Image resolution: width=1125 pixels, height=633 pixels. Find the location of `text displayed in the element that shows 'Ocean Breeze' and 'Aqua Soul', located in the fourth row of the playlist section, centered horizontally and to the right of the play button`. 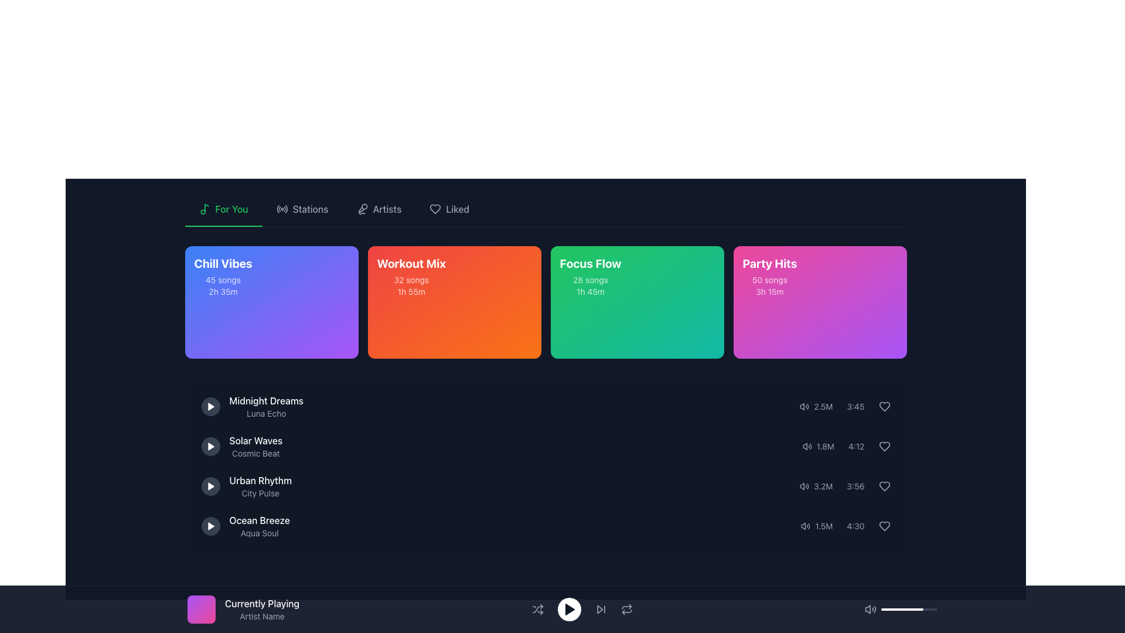

text displayed in the element that shows 'Ocean Breeze' and 'Aqua Soul', located in the fourth row of the playlist section, centered horizontally and to the right of the play button is located at coordinates (259, 526).